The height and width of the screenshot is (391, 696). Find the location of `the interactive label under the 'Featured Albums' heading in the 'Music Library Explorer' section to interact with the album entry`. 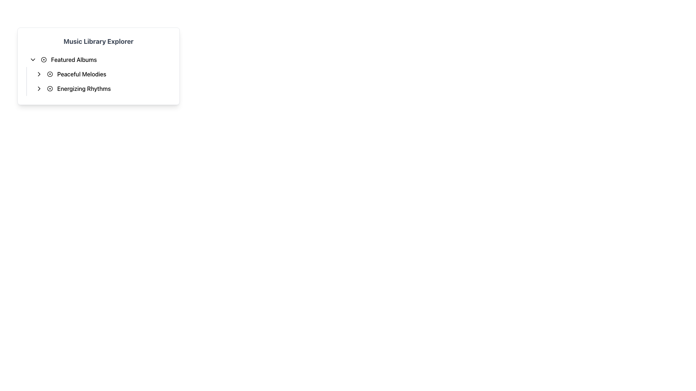

the interactive label under the 'Featured Albums' heading in the 'Music Library Explorer' section to interact with the album entry is located at coordinates (98, 74).